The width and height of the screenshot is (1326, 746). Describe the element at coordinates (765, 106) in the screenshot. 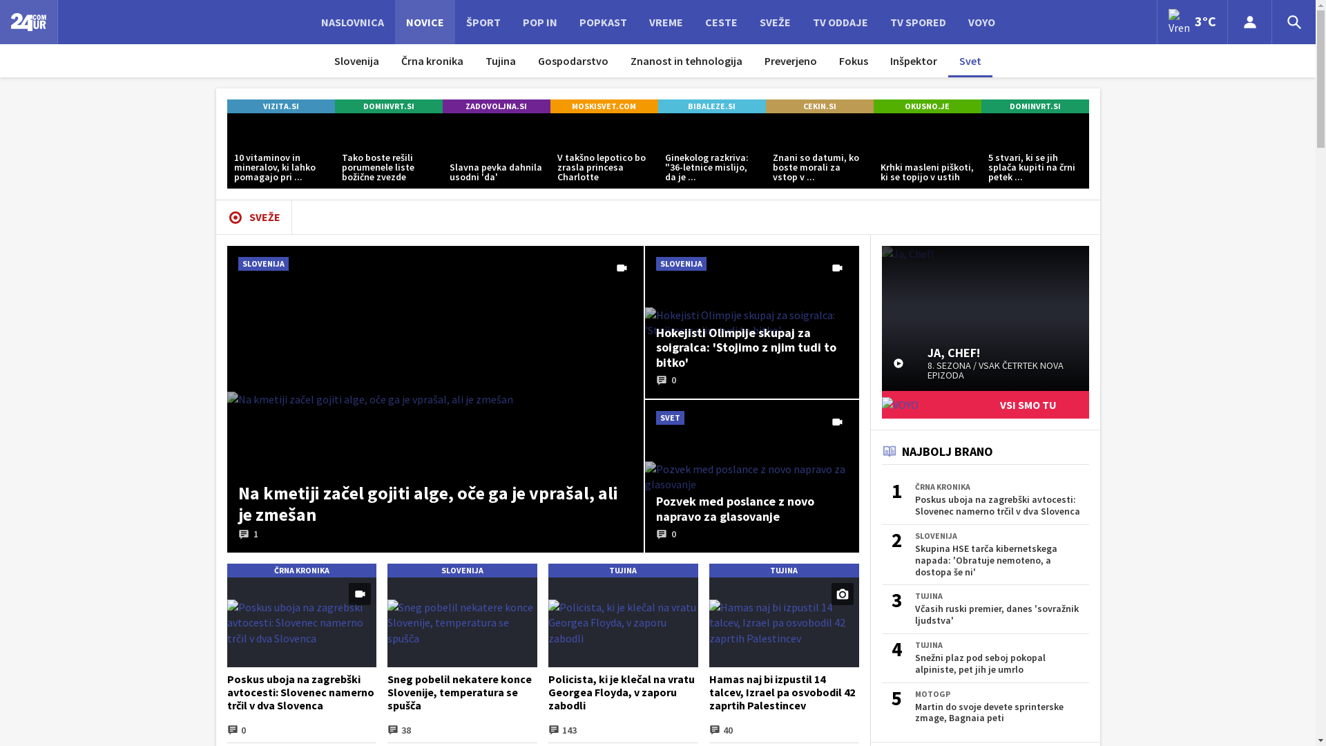

I see `'CEKIN.SI'` at that location.